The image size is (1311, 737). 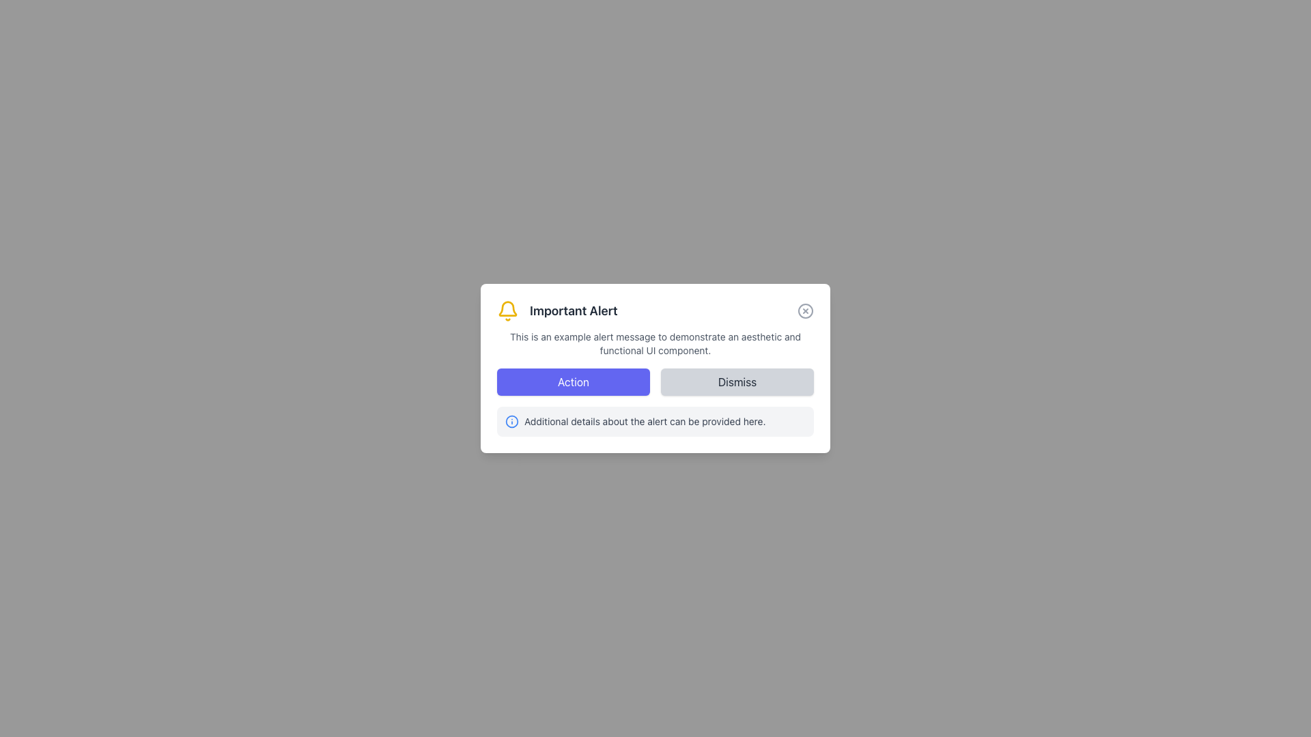 What do you see at coordinates (644, 420) in the screenshot?
I see `text content of the element that displays 'Additional details about the alert can be provided here.' which is styled in a small gray font located at the bottom section of a notification card` at bounding box center [644, 420].